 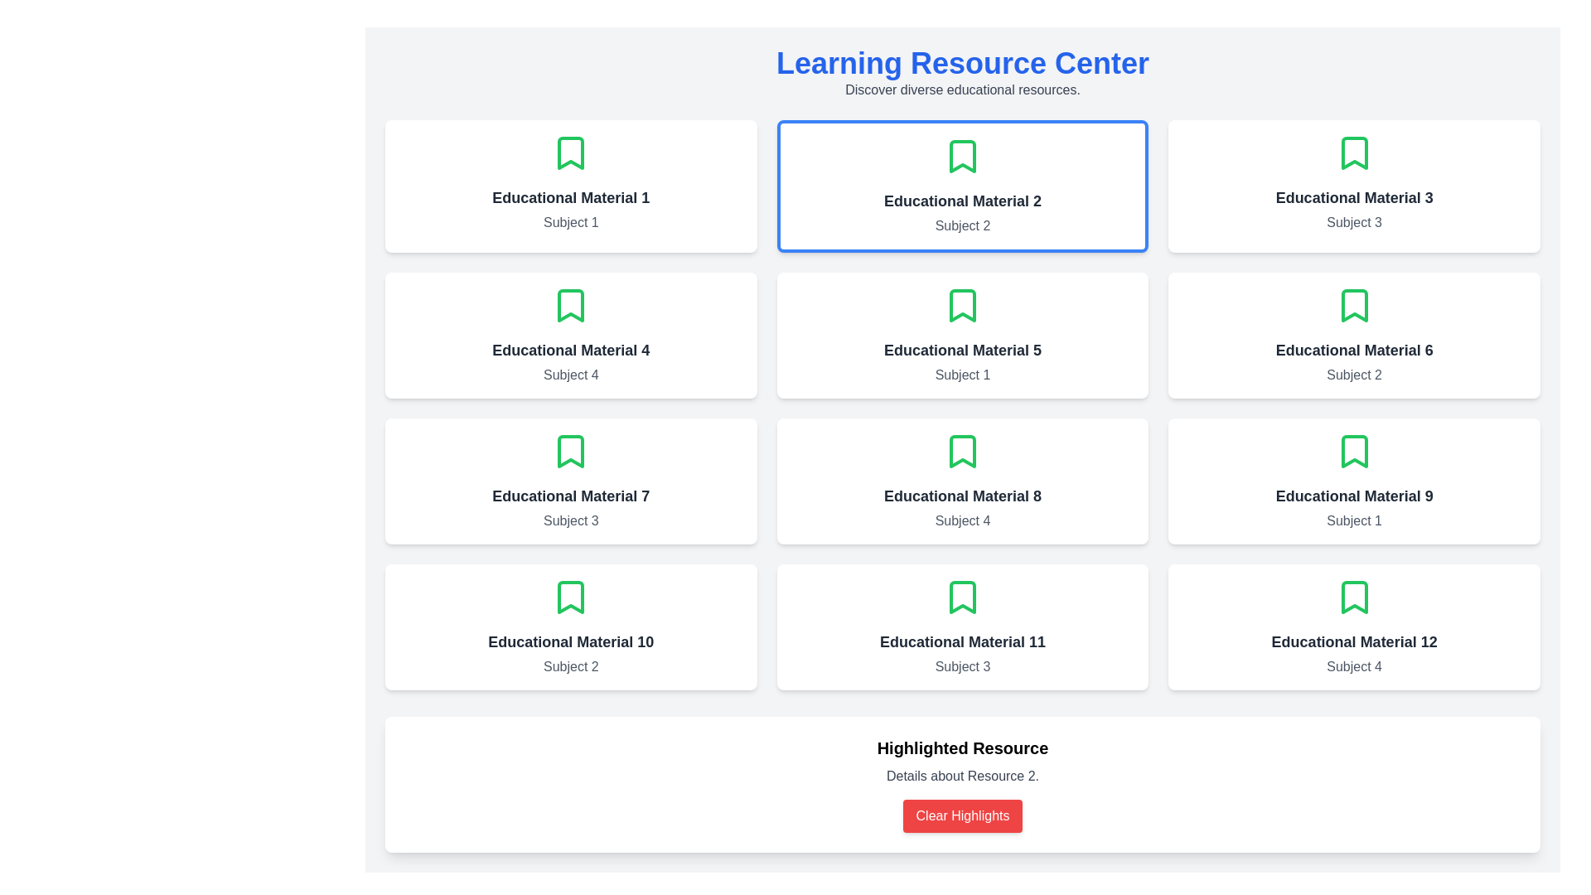 What do you see at coordinates (962, 350) in the screenshot?
I see `the text label that serves as a title or identifier for a specific resource, positioned in the center of a rectangular card in the second column of the second row` at bounding box center [962, 350].